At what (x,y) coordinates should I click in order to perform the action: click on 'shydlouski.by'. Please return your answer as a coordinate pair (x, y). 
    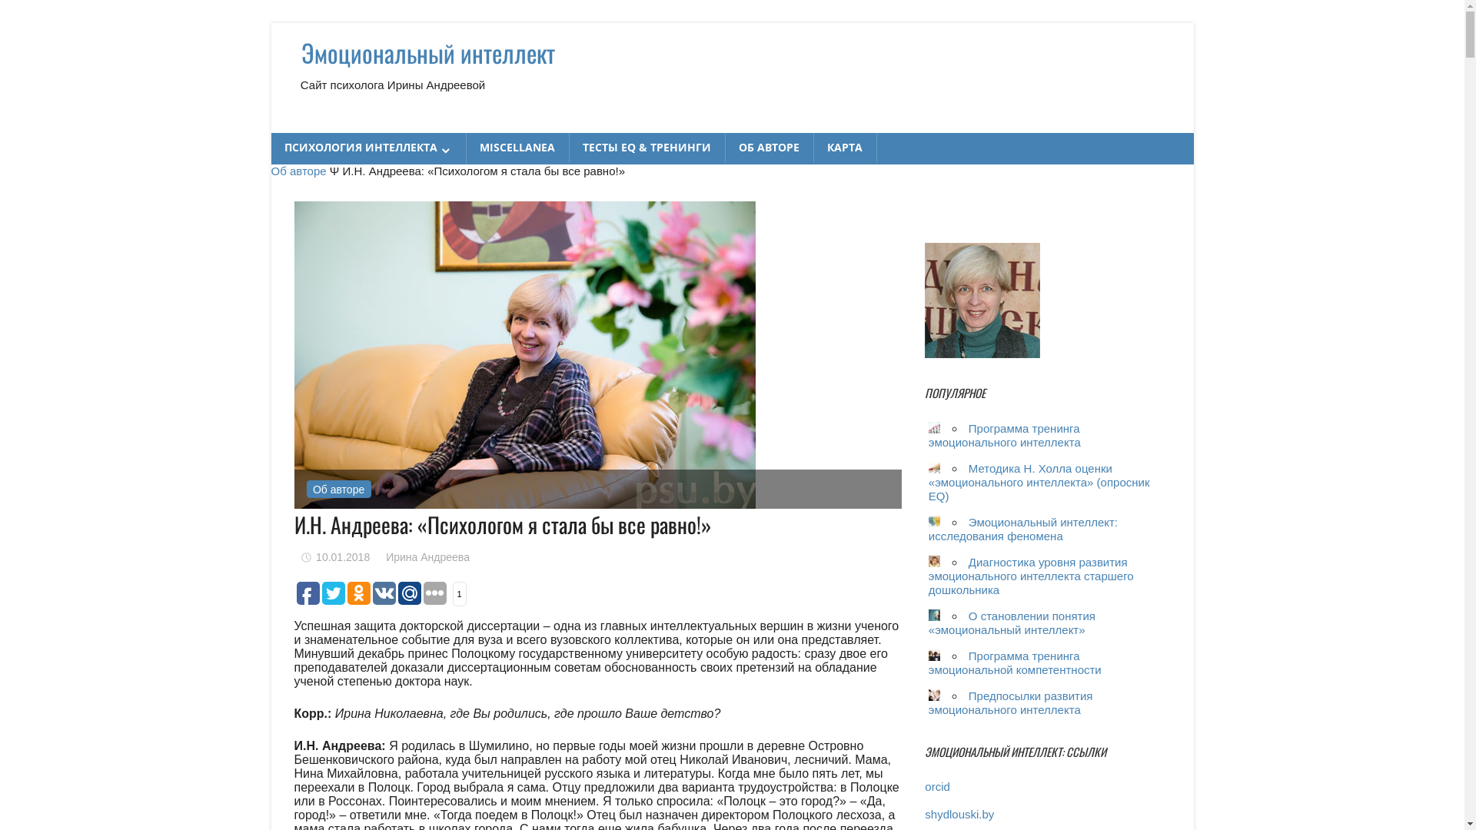
    Looking at the image, I should click on (959, 813).